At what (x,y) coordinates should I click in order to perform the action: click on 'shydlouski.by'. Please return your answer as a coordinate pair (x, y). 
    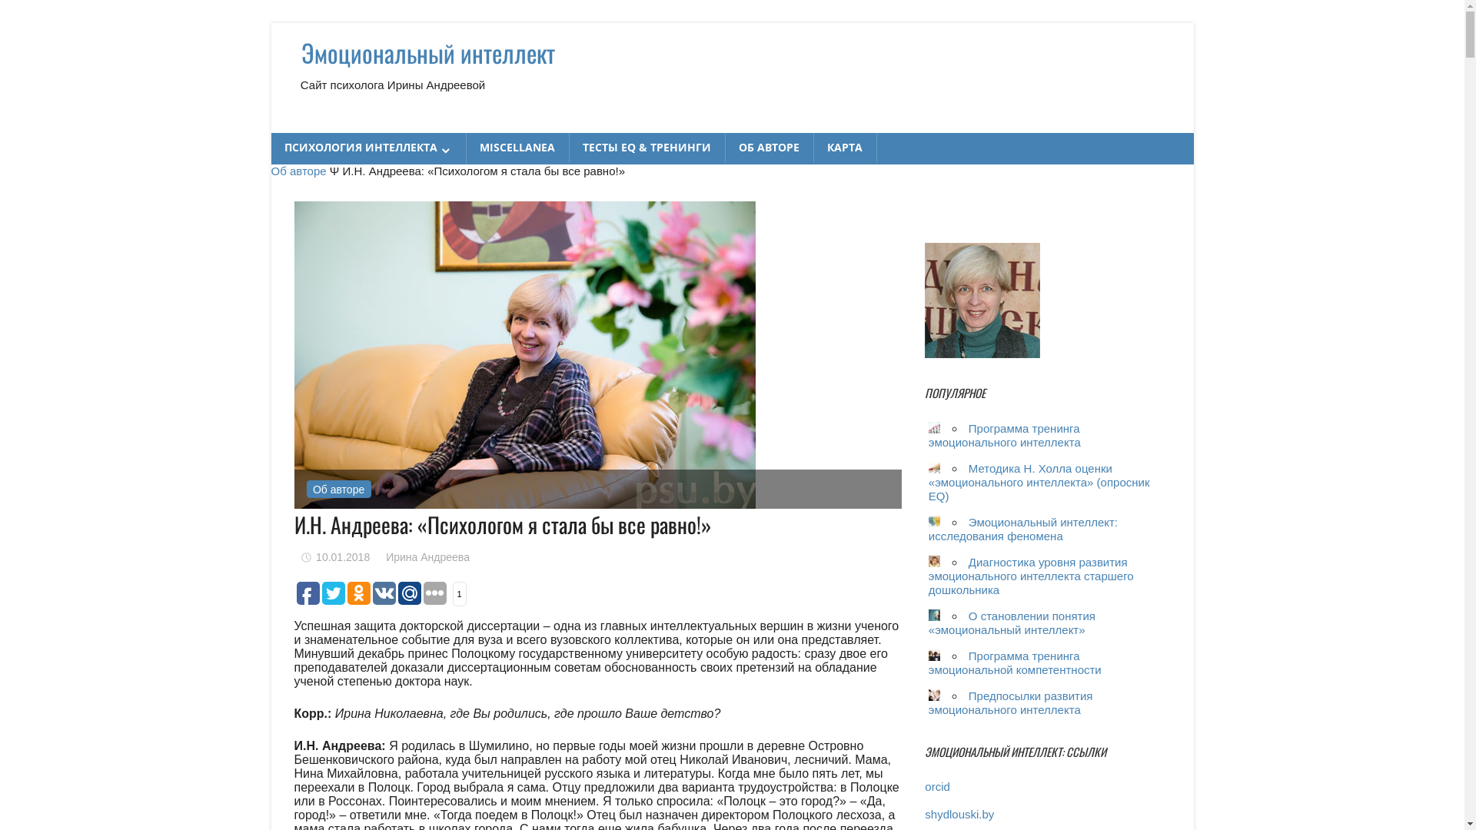
    Looking at the image, I should click on (959, 813).